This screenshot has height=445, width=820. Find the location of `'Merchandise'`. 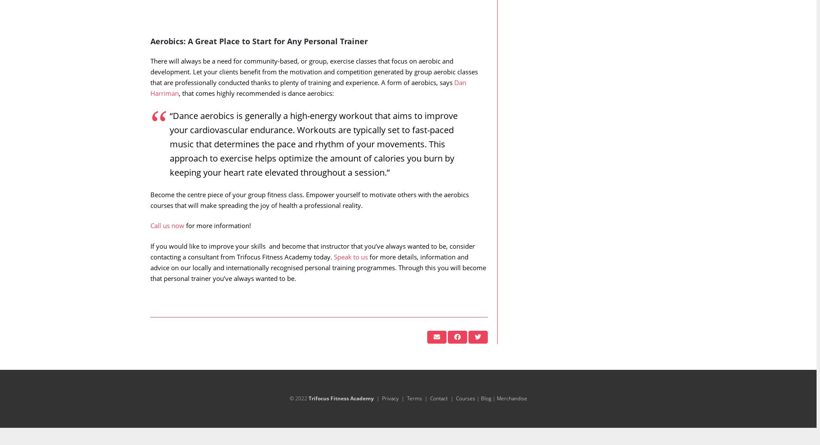

'Merchandise' is located at coordinates (511, 415).